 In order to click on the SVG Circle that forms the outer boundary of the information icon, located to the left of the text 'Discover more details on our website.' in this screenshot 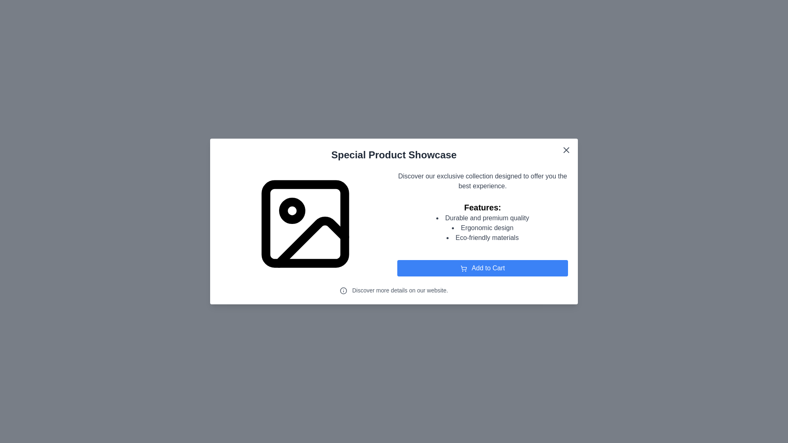, I will do `click(344, 290)`.